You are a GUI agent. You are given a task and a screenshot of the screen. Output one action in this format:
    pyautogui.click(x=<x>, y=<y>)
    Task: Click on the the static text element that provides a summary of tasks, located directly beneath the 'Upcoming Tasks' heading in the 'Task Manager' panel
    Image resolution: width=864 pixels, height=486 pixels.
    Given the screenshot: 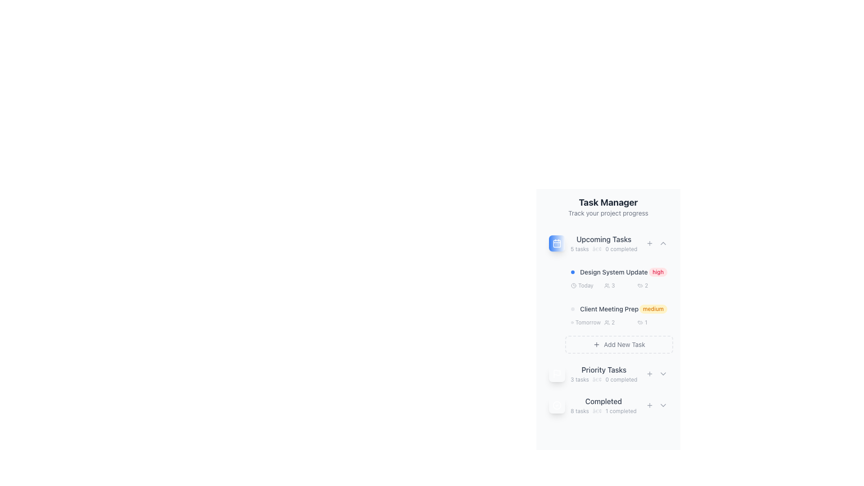 What is the action you would take?
    pyautogui.click(x=604, y=249)
    